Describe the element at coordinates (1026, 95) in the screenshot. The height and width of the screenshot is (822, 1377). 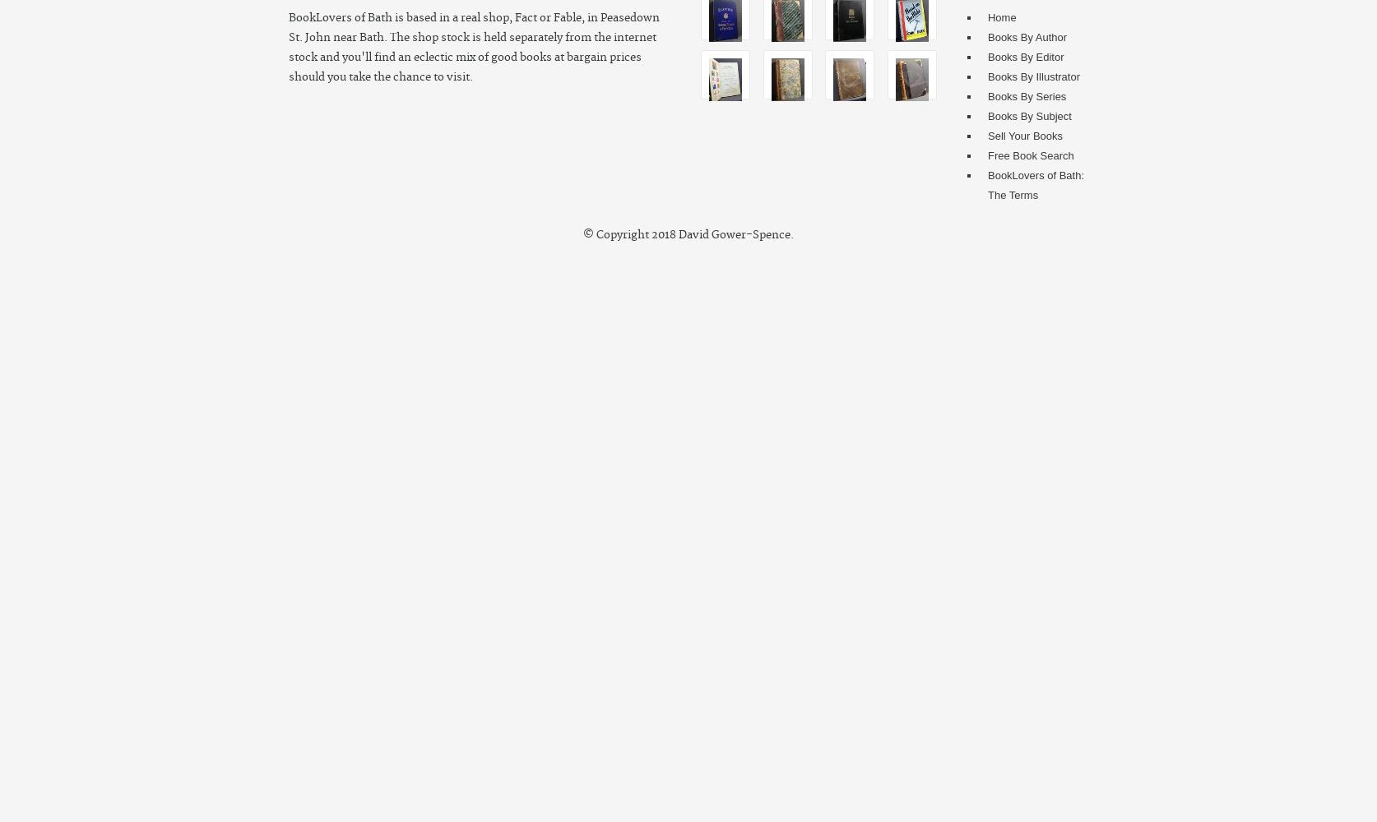
I see `'Books By Series'` at that location.